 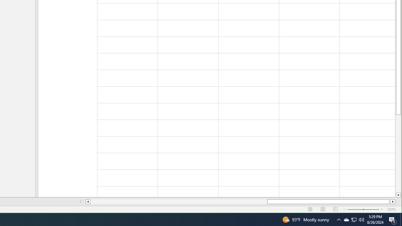 What do you see at coordinates (361, 219) in the screenshot?
I see `'Q2790: 100%'` at bounding box center [361, 219].